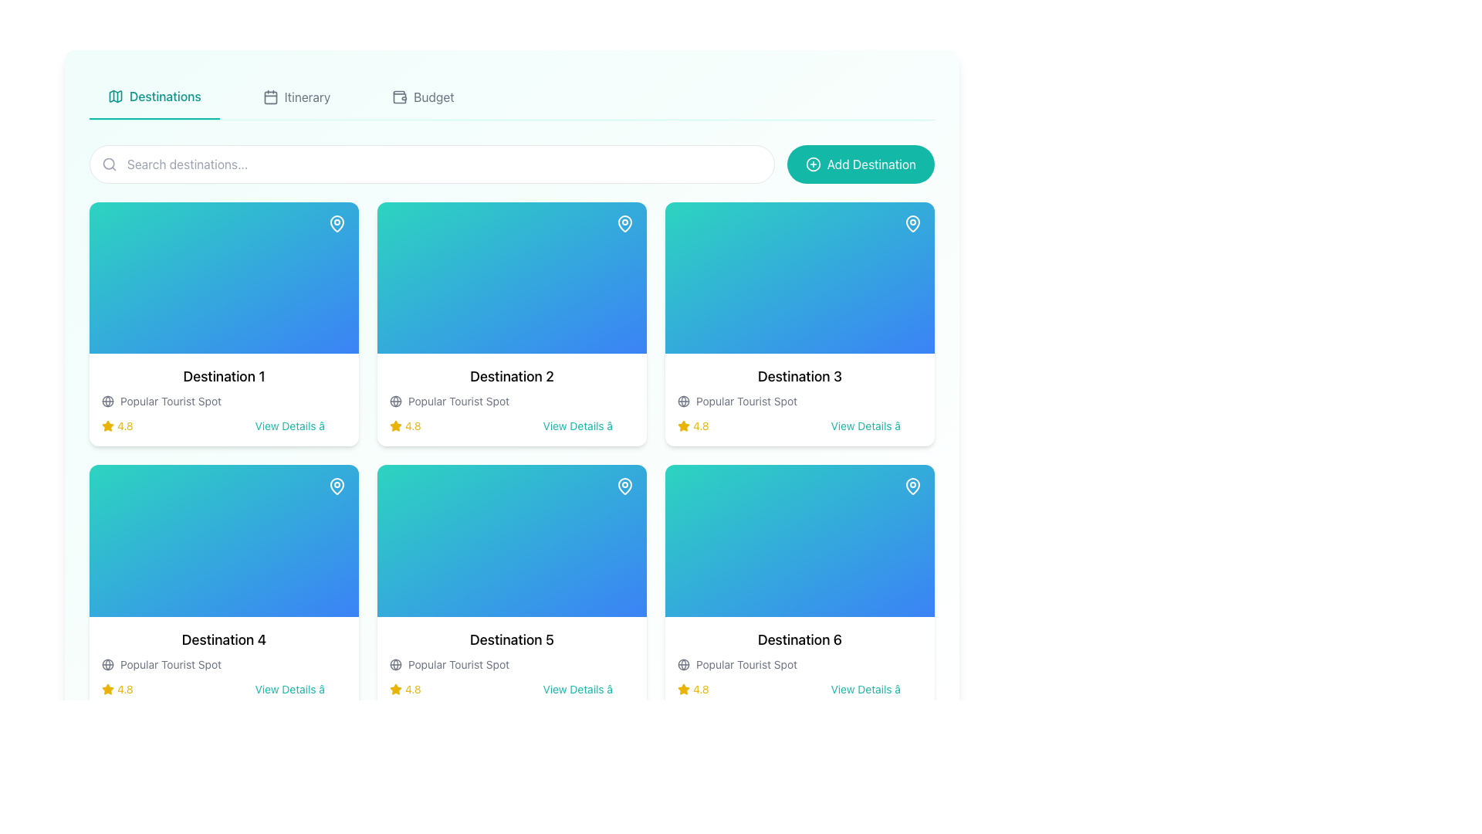 The image size is (1482, 834). Describe the element at coordinates (700, 426) in the screenshot. I see `the rating score text label displaying '4.8' for destination 3, located at the bottom-left section of the card and adjacent to a star icon` at that location.